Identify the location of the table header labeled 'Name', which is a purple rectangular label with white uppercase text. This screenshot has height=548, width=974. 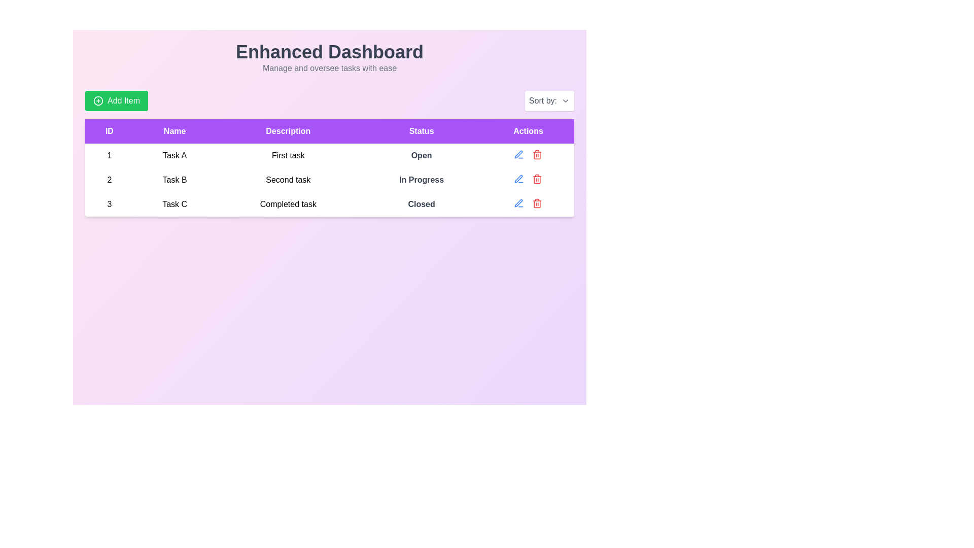
(175, 130).